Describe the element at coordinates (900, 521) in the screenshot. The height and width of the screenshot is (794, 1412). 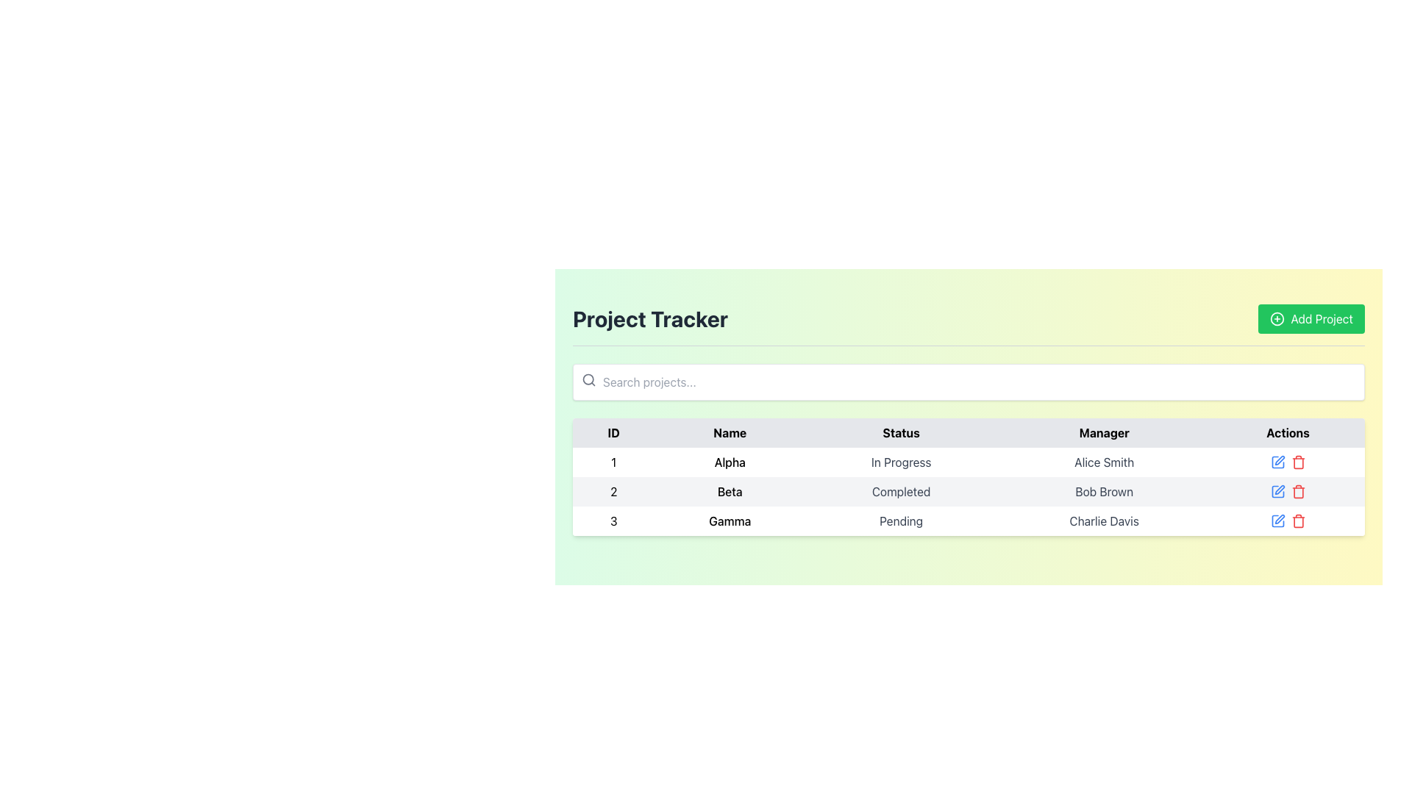
I see `the Text label displaying the status "Pending" in the Status column of the row labeled with ID "3" and Name "Gamma"` at that location.